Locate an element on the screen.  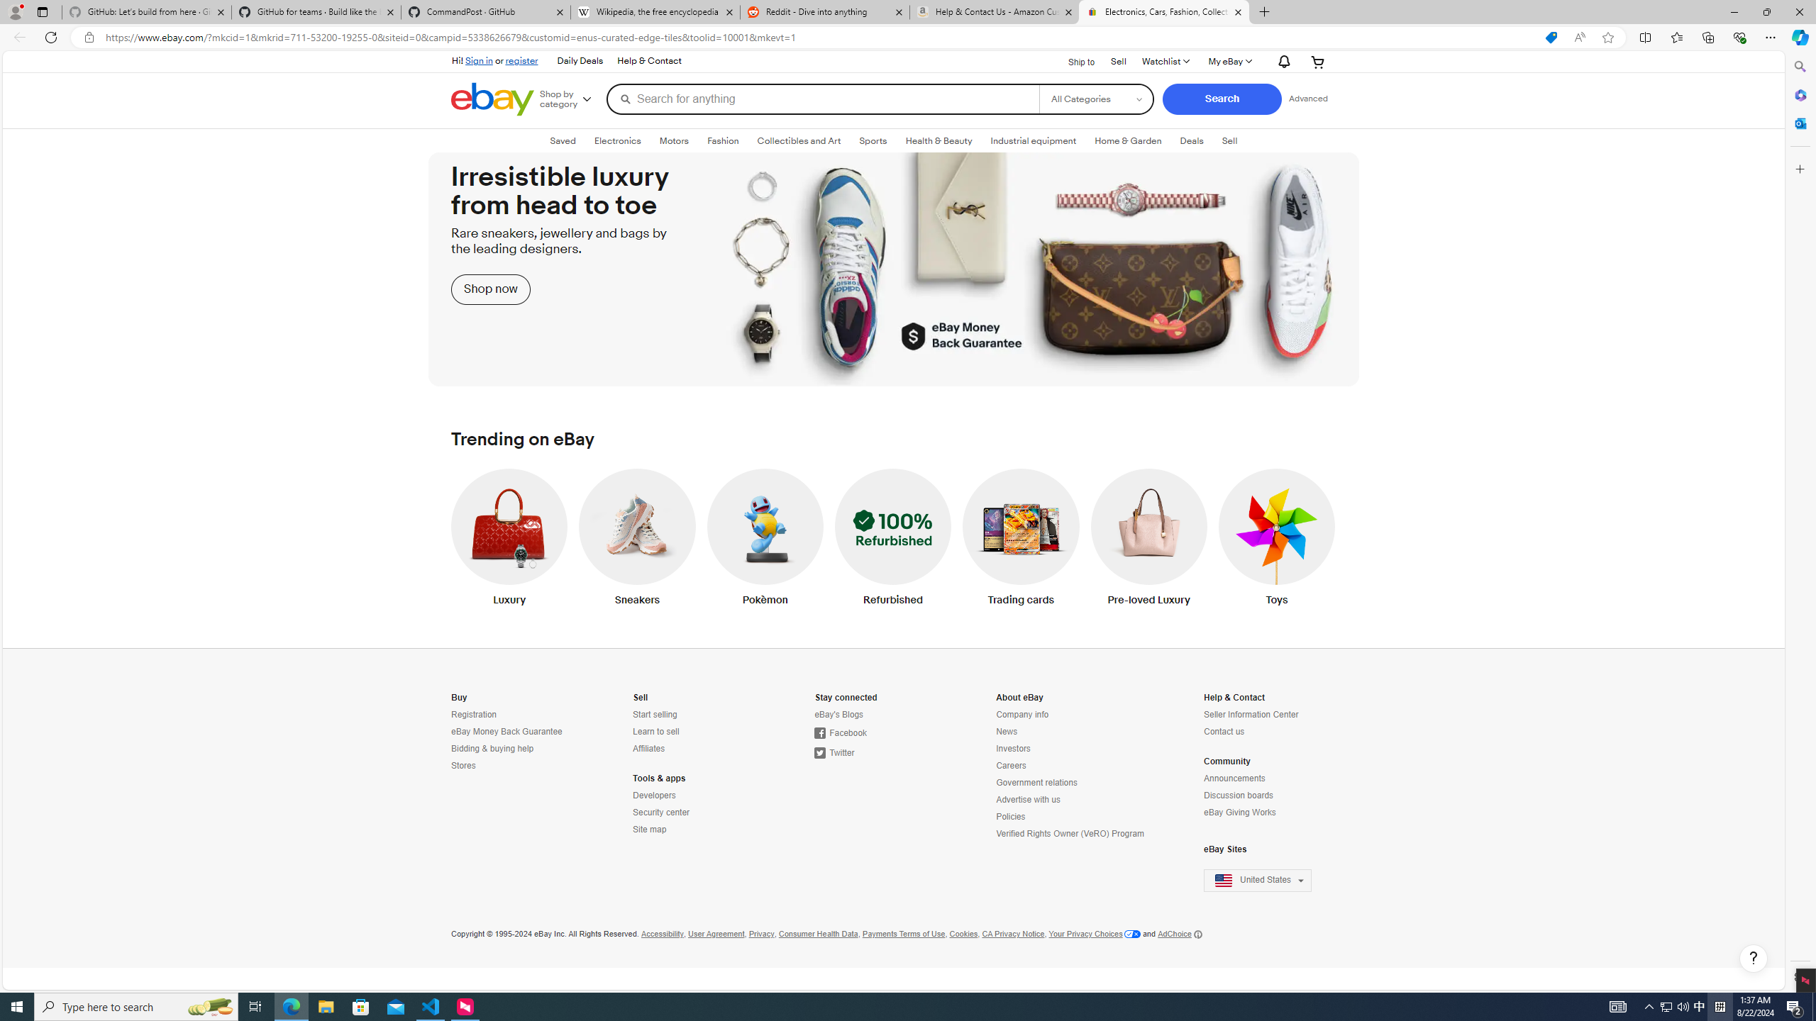
'Home & Garden' is located at coordinates (1128, 141).